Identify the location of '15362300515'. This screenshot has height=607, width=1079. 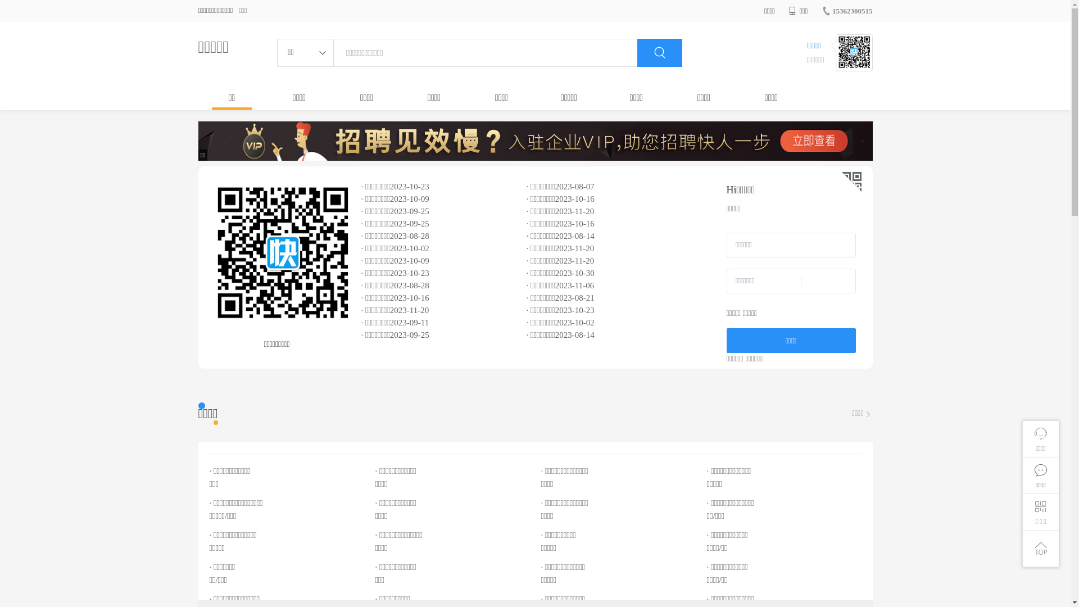
(822, 11).